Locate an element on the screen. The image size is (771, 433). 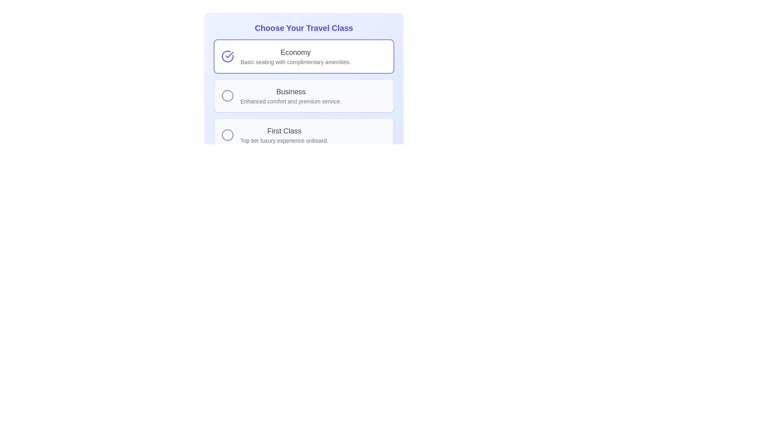
the text display element that provides details about the travel class option, which is the first selectable option in the 'Choose Your Travel Class' menu is located at coordinates (295, 56).